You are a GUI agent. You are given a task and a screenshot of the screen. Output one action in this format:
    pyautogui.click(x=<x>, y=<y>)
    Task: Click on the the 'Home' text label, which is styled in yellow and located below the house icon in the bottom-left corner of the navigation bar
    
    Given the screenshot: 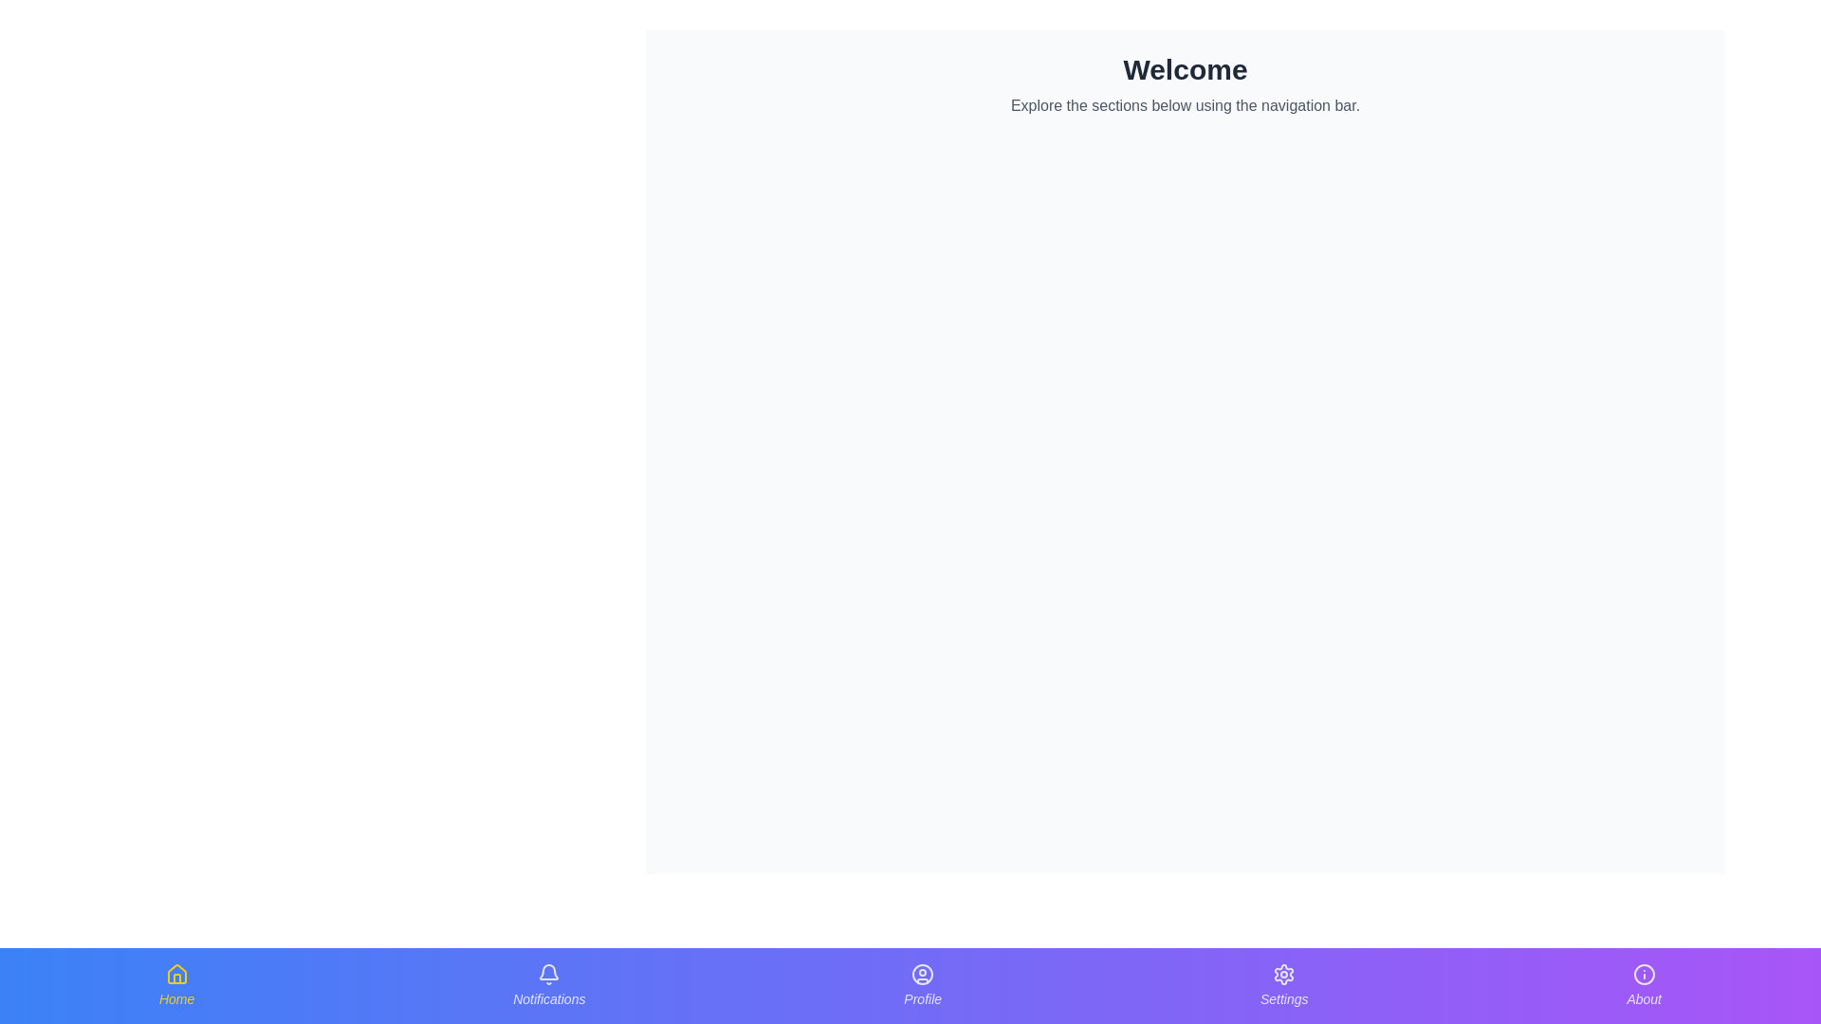 What is the action you would take?
    pyautogui.click(x=176, y=997)
    